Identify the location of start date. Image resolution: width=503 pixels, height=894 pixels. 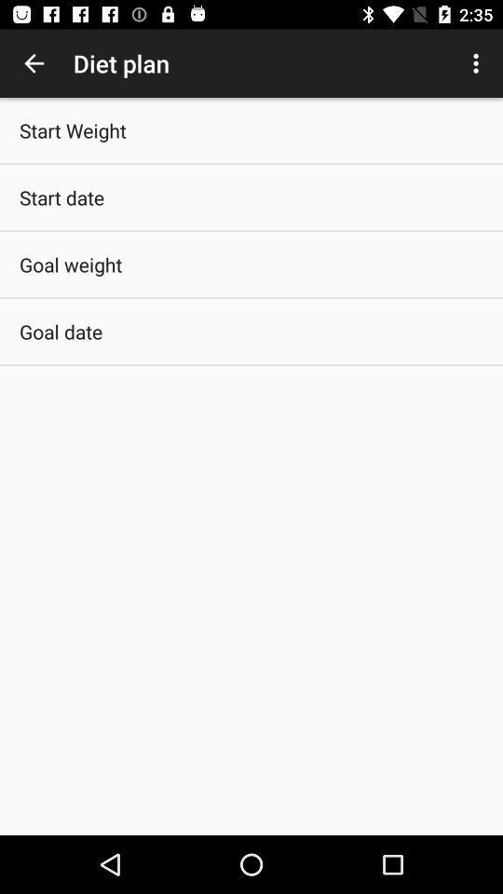
(61, 197).